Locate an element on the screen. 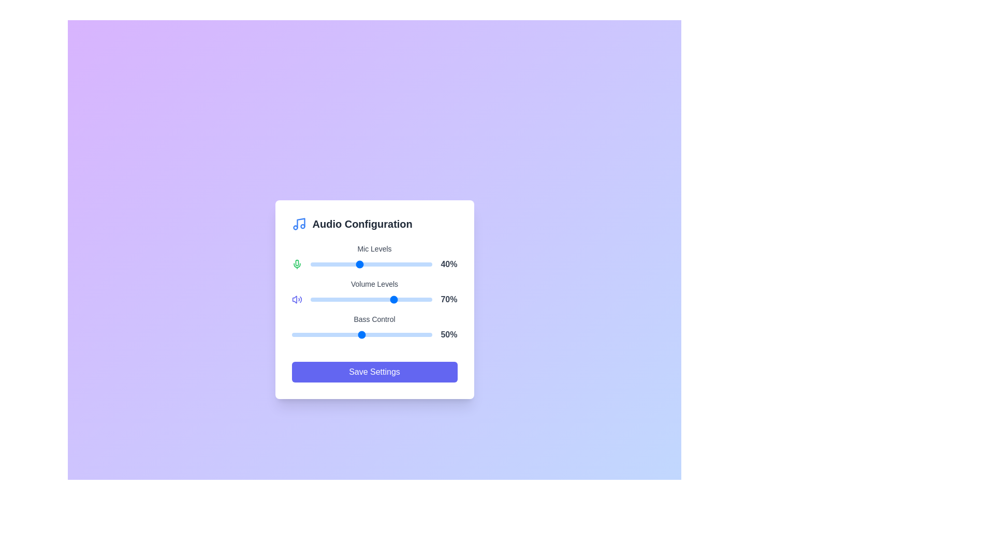  the Bass Control slider to 60% by dragging the slider is located at coordinates (375, 335).